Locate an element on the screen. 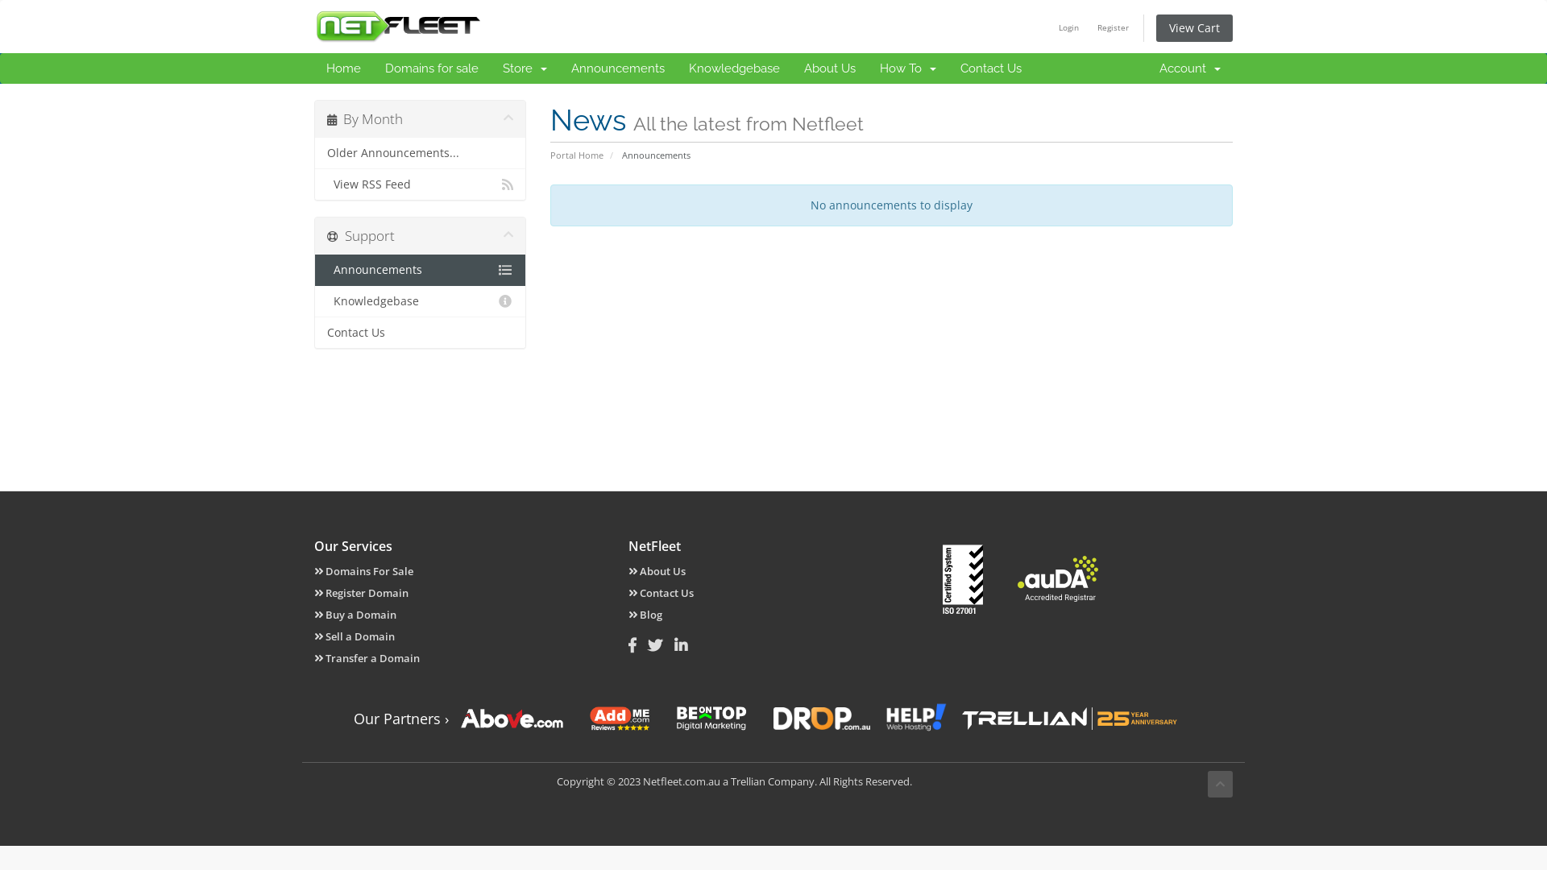 This screenshot has width=1547, height=870. 'Transfer a Domain' is located at coordinates (366, 658).